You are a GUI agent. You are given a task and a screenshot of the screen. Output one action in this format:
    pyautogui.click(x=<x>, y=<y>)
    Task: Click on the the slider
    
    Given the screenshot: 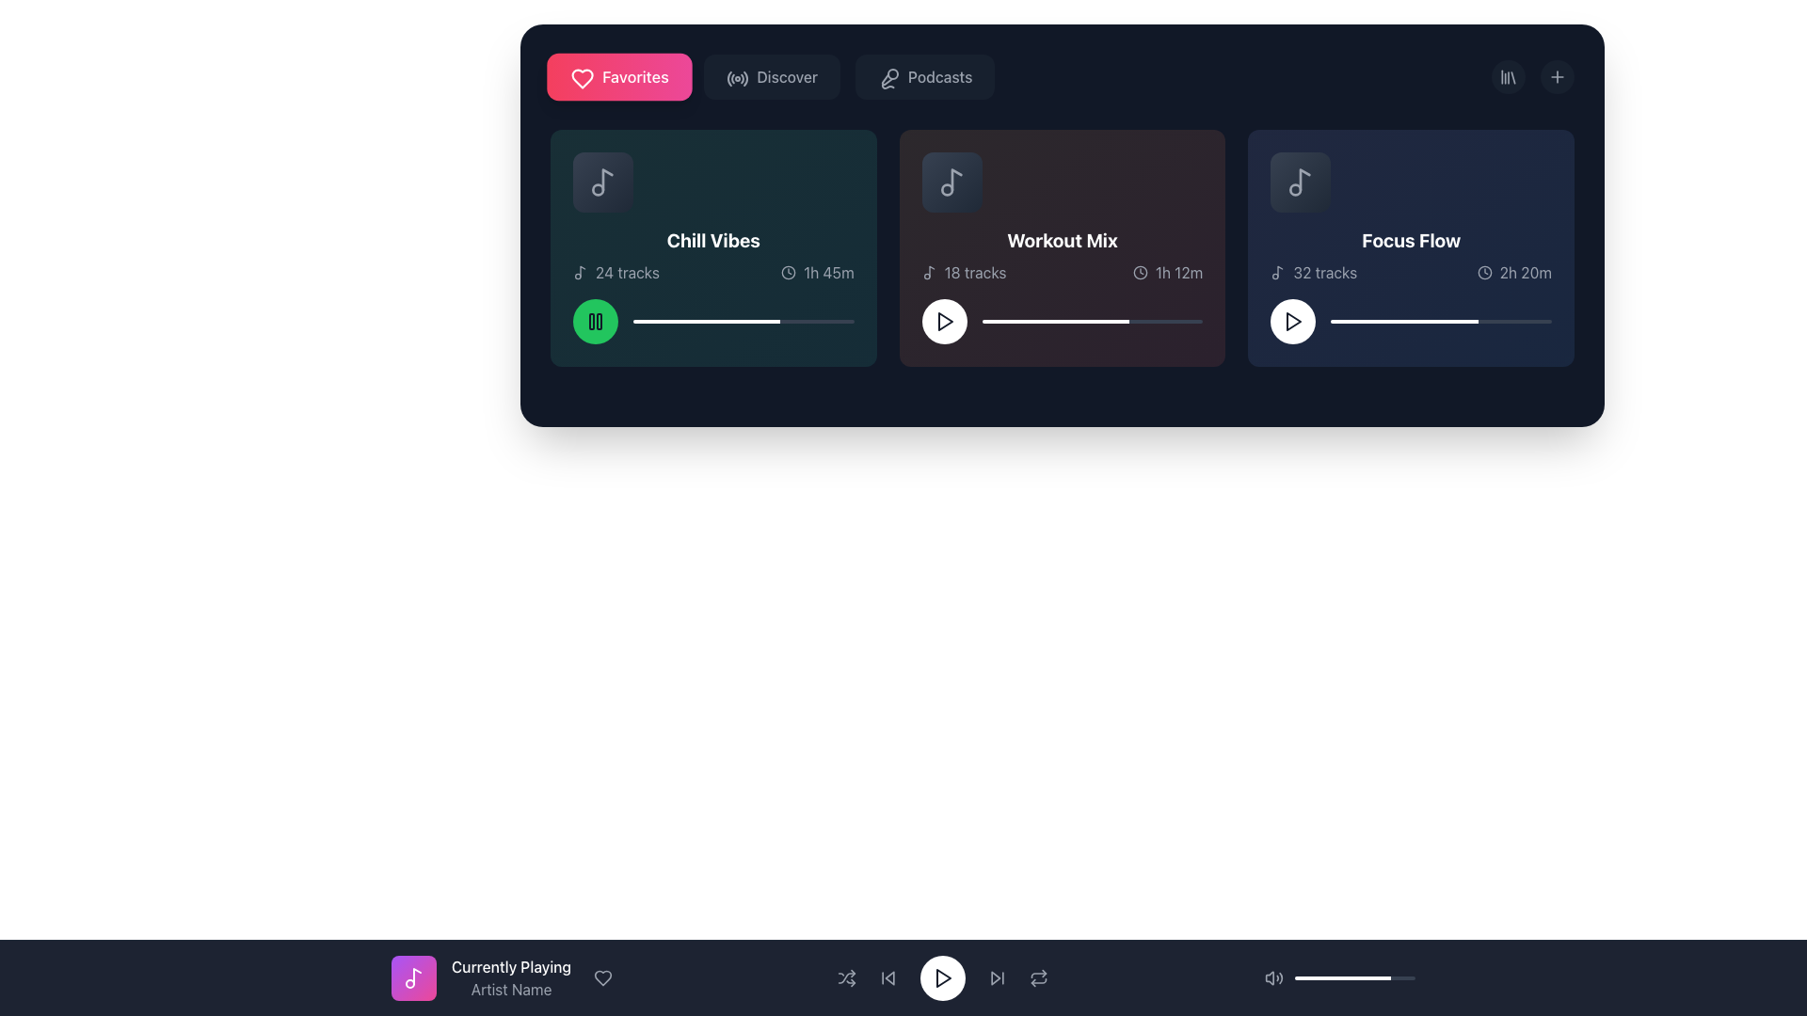 What is the action you would take?
    pyautogui.click(x=1038, y=321)
    